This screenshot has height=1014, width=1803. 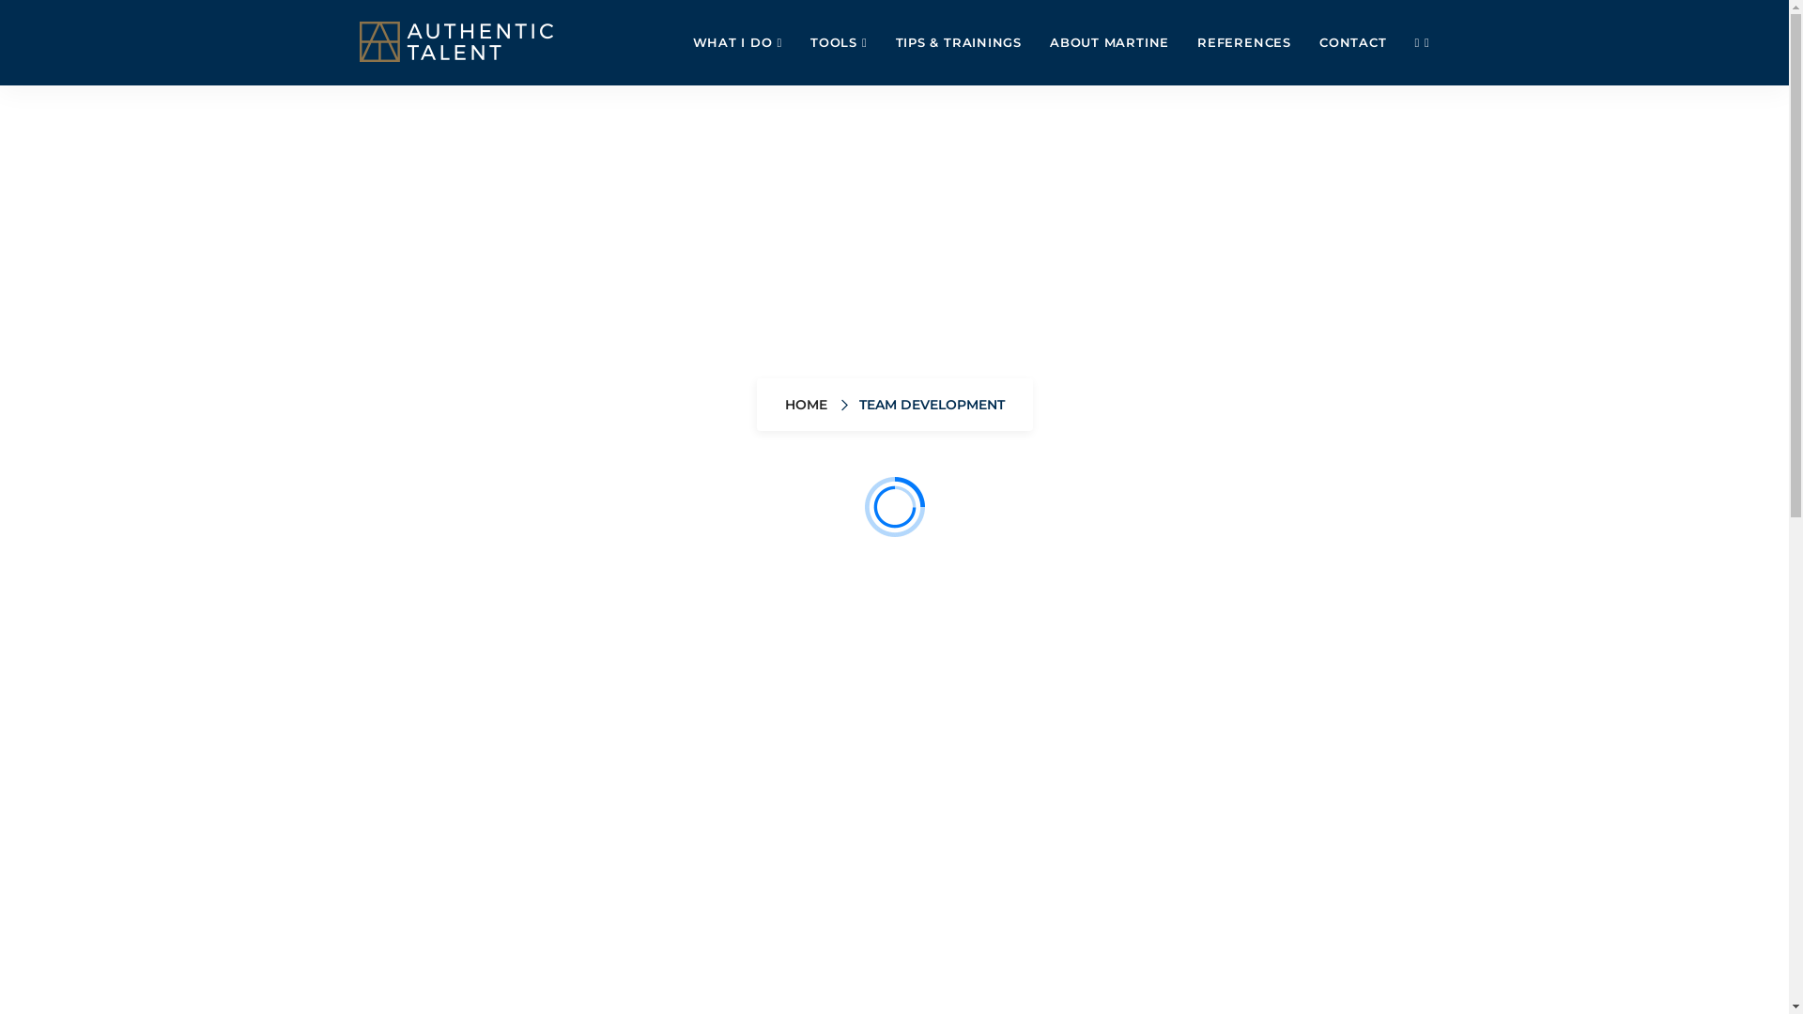 I want to click on 'TIPS & TRAININGS', so click(x=881, y=42).